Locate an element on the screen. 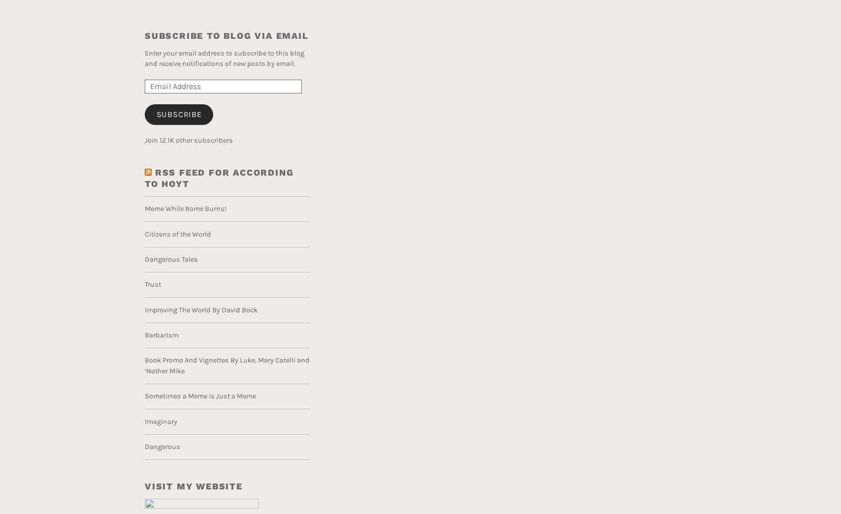 Image resolution: width=841 pixels, height=514 pixels. 'Barbarism' is located at coordinates (162, 335).